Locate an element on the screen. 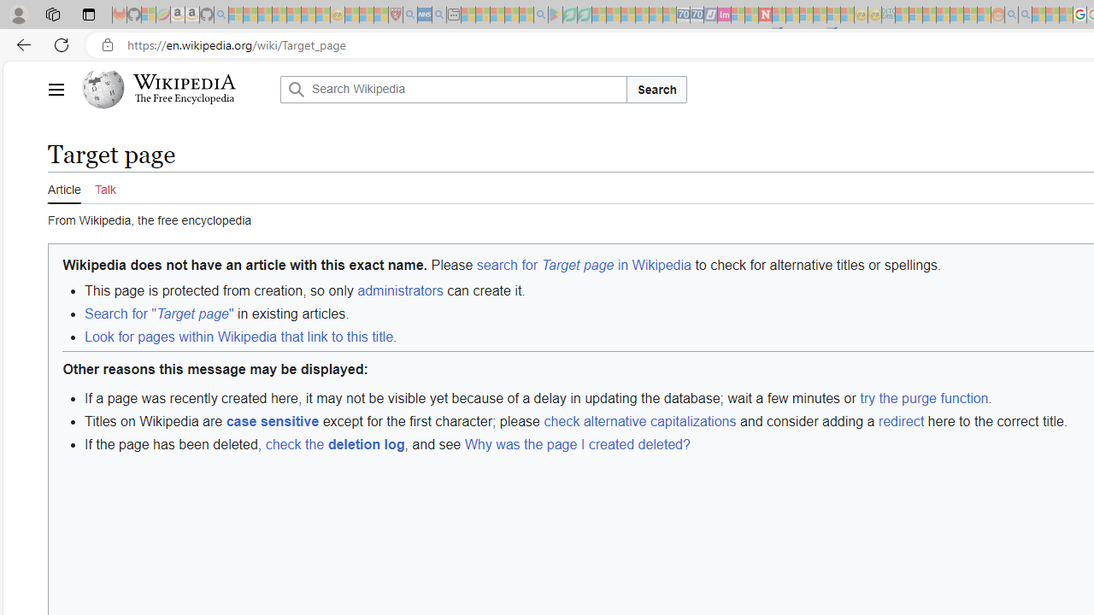  'Why was the page I created deleted?' is located at coordinates (577, 443).